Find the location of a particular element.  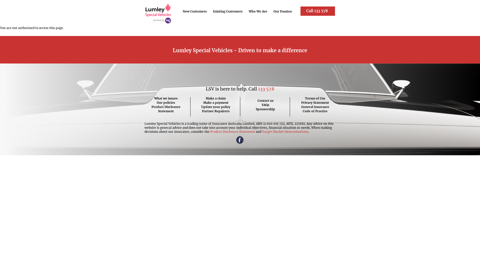

'Sponsorship' is located at coordinates (255, 109).